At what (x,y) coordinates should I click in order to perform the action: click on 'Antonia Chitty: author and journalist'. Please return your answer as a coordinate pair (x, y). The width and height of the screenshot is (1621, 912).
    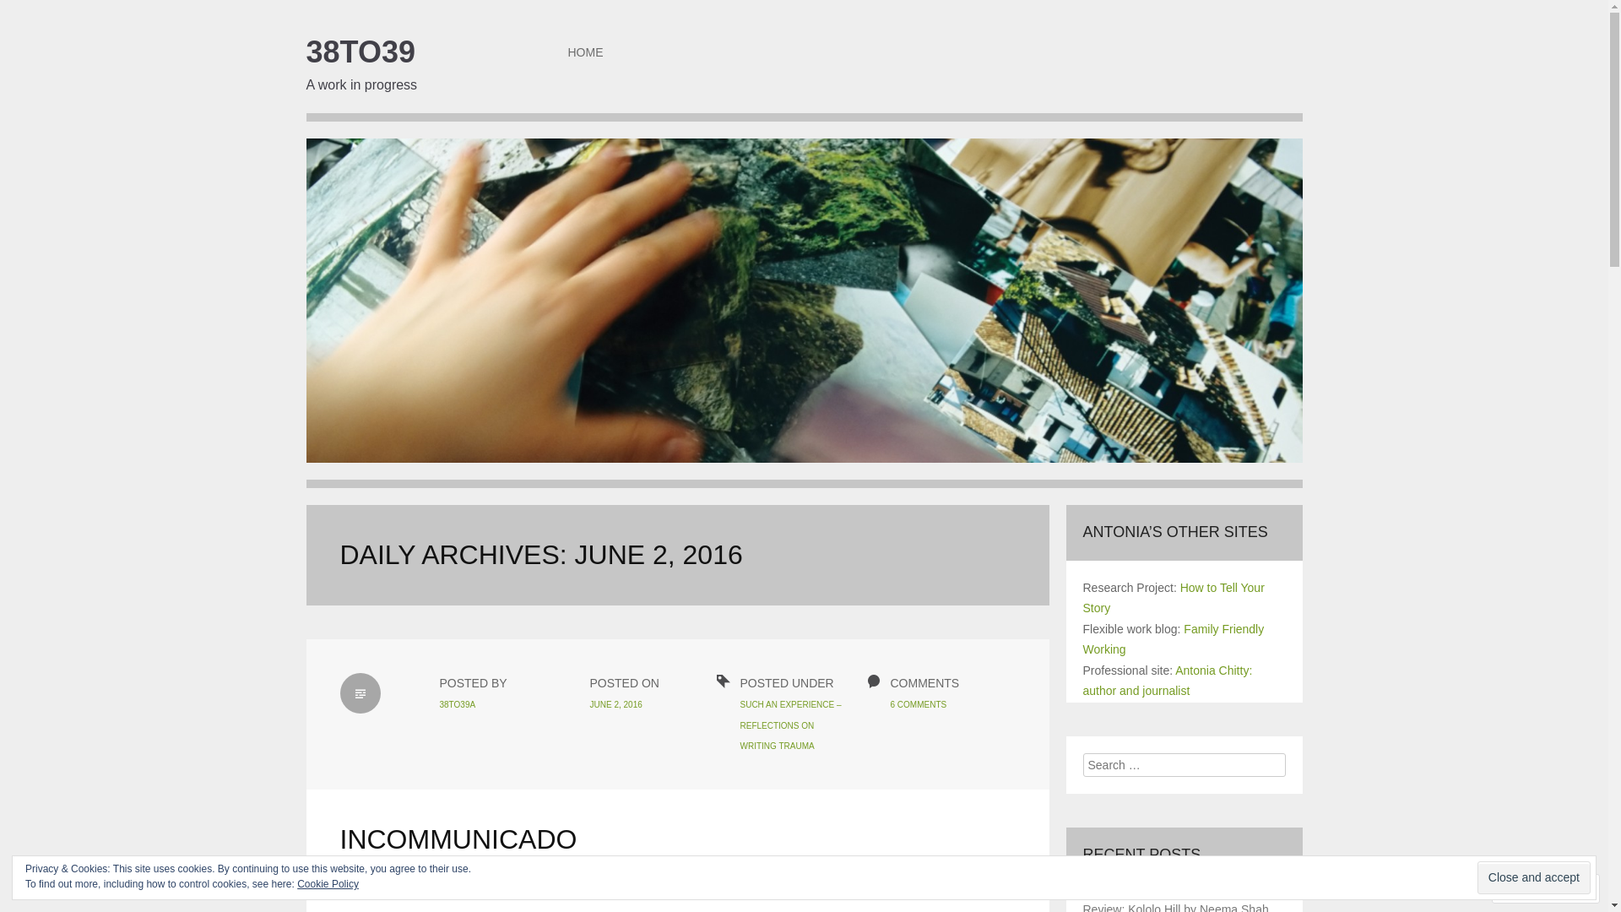
    Looking at the image, I should click on (1082, 680).